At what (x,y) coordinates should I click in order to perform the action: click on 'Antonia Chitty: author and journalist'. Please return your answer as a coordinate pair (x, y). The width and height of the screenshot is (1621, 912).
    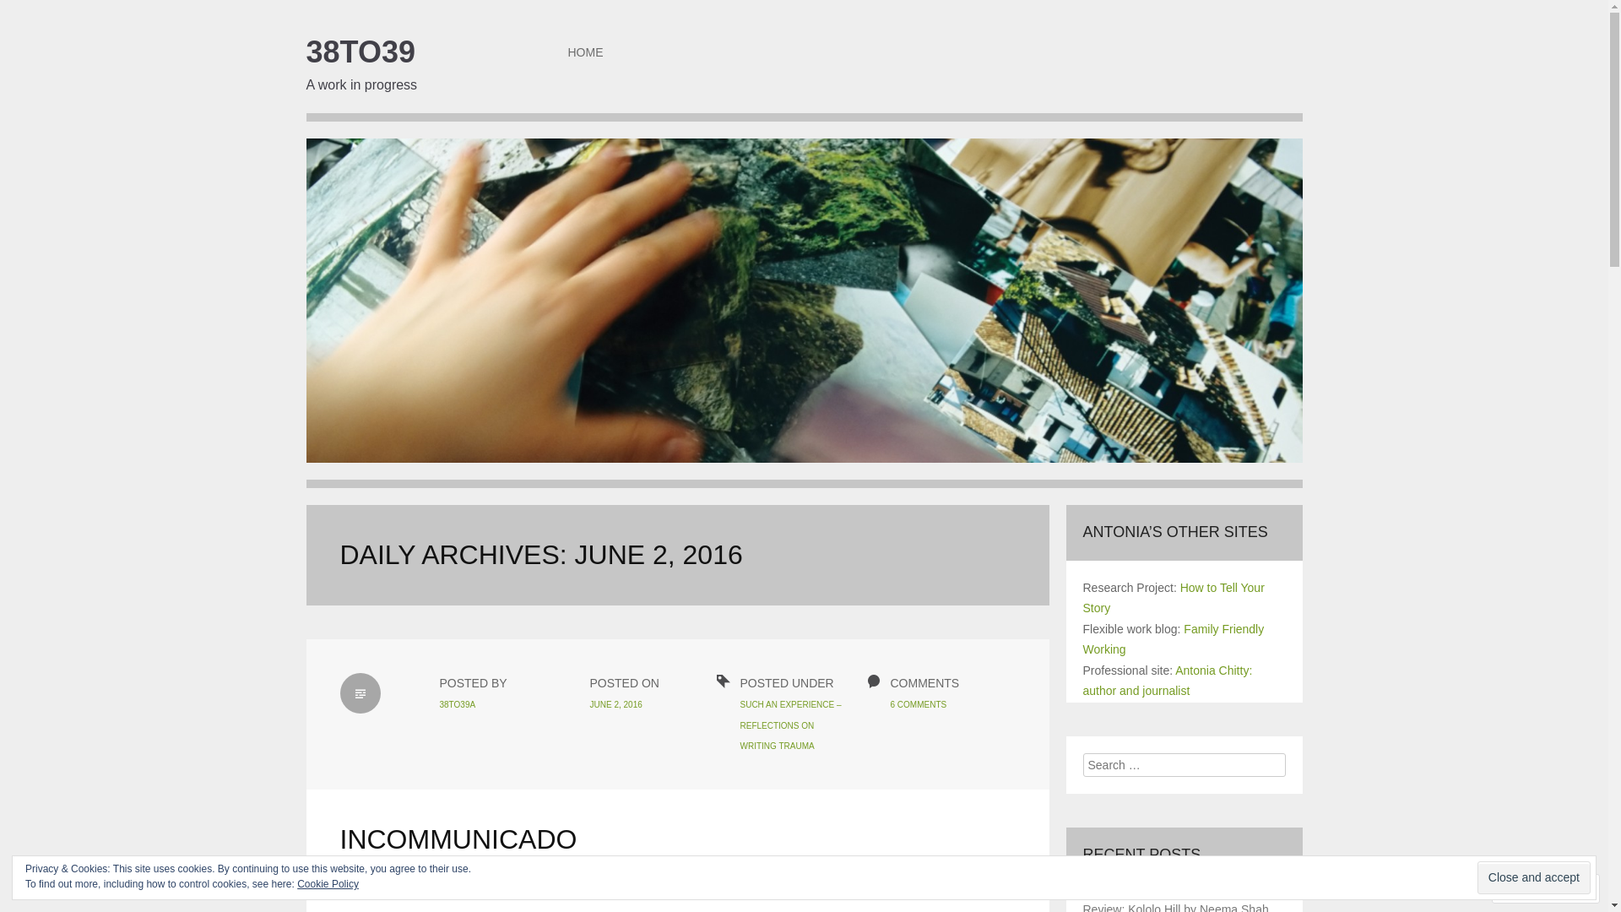
    Looking at the image, I should click on (1082, 680).